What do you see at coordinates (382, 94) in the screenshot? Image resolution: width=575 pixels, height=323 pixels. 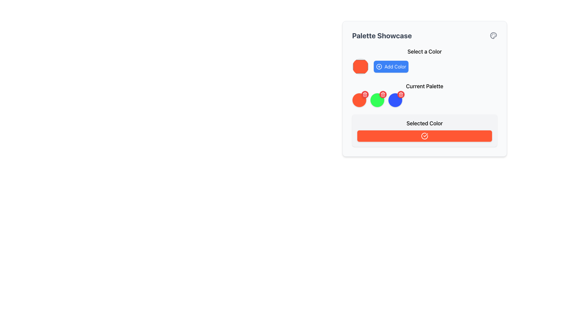 I see `the delete button for the green color option in the palette` at bounding box center [382, 94].